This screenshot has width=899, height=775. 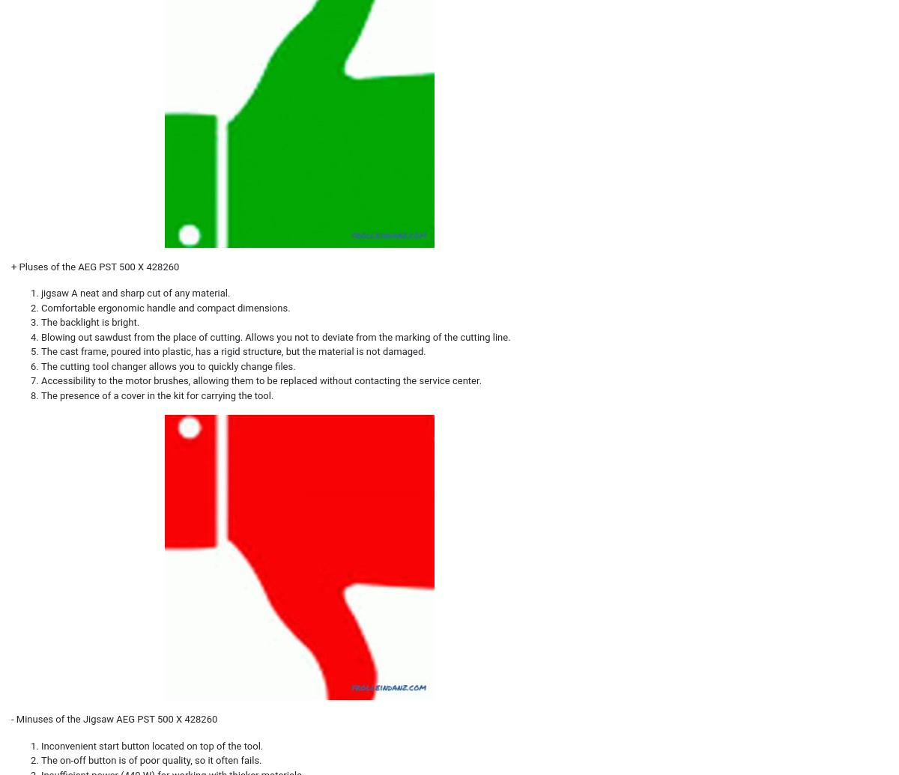 What do you see at coordinates (15, 266) in the screenshot?
I see `'+'` at bounding box center [15, 266].